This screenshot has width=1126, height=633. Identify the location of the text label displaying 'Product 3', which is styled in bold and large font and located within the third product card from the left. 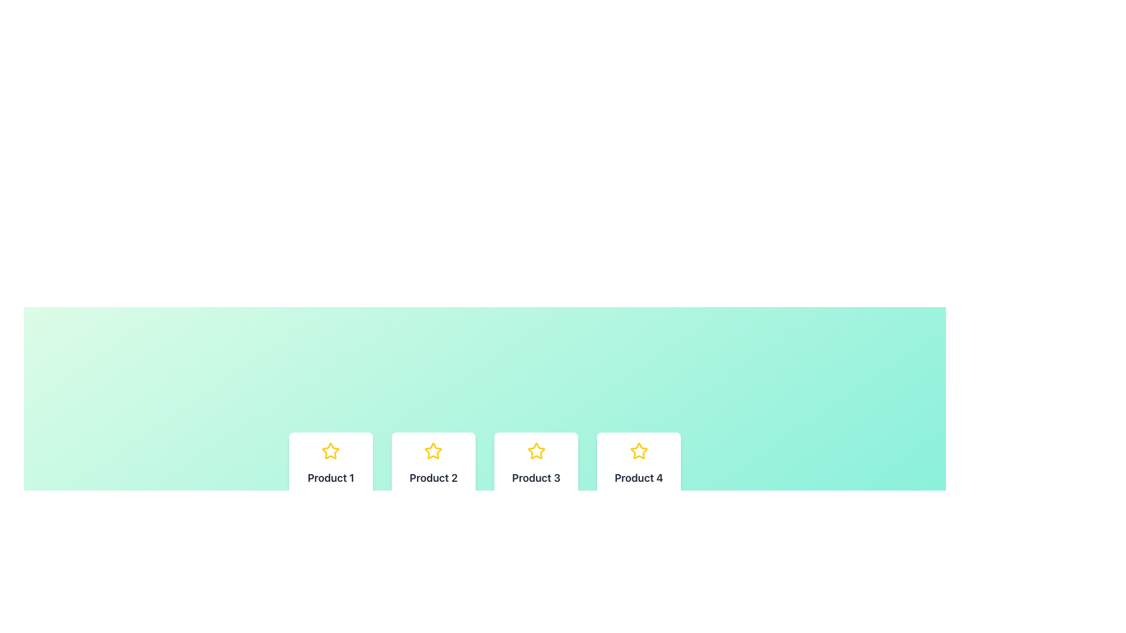
(535, 478).